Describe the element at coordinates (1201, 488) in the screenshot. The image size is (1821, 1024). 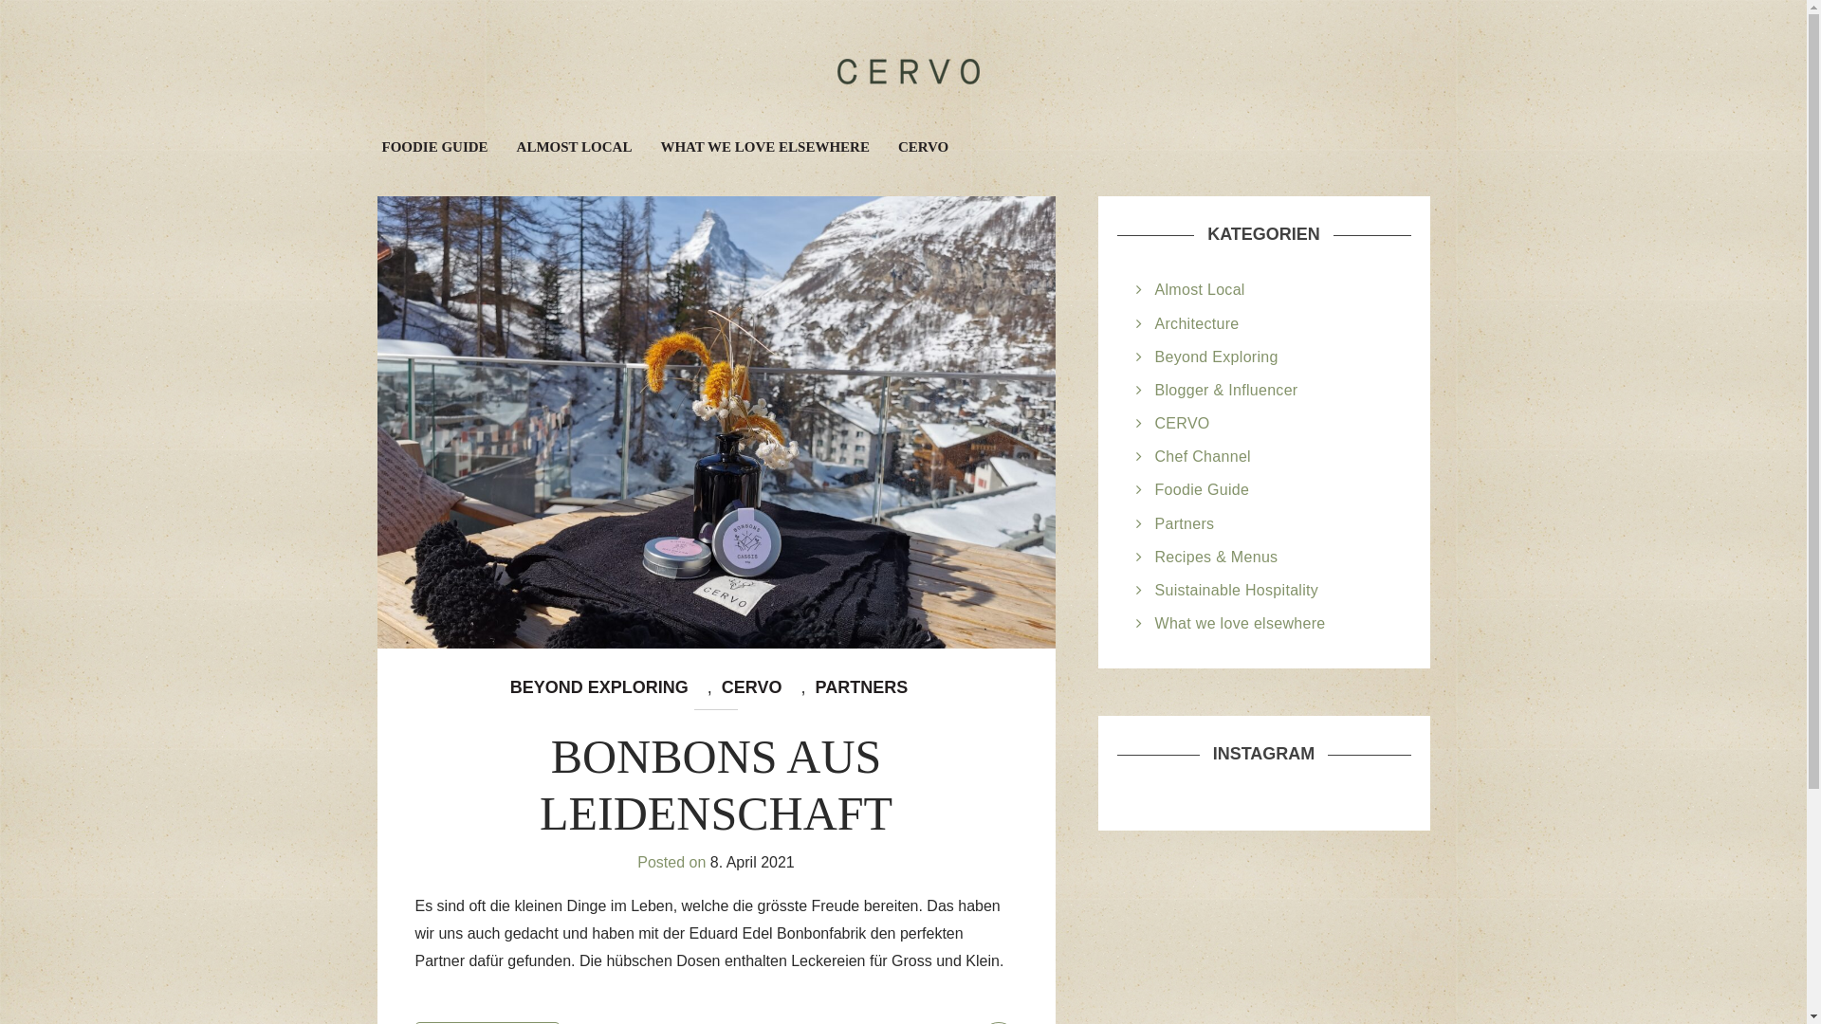
I see `'Foodie Guide'` at that location.